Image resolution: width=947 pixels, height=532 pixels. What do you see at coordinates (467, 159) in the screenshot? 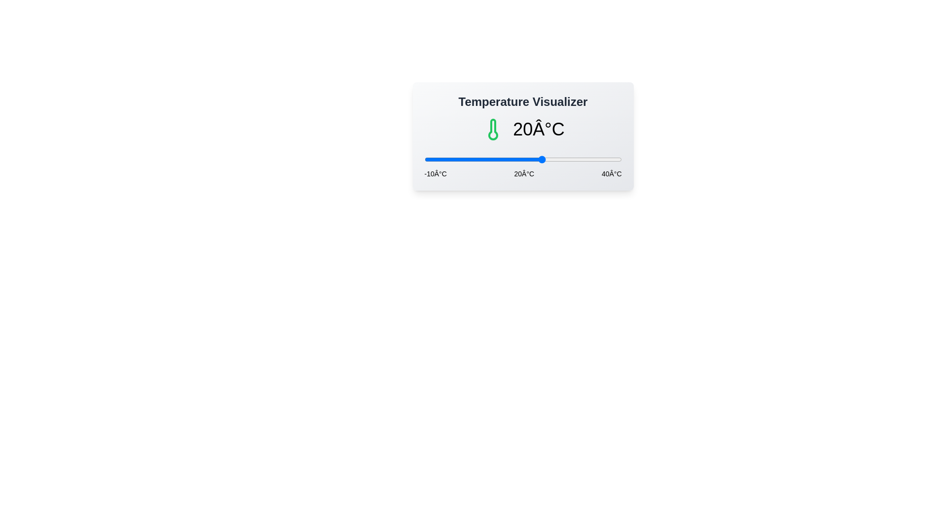
I see `the slider to set the temperature to 1°C` at bounding box center [467, 159].